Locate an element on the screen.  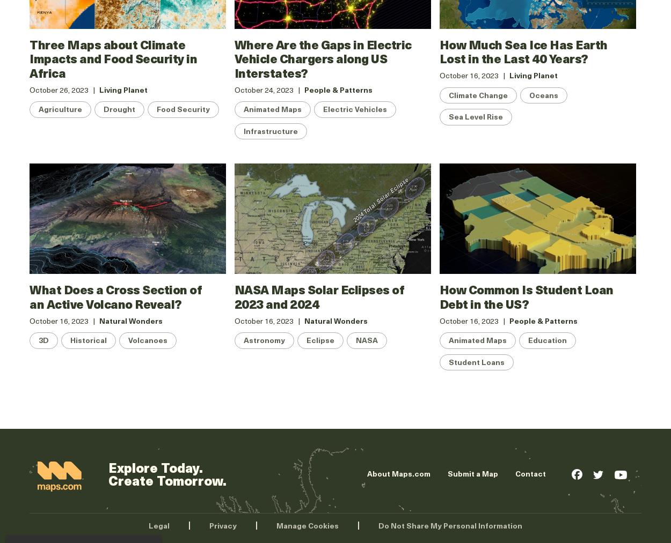
'How Common Is Student Loan Debt in the US?' is located at coordinates (526, 296).